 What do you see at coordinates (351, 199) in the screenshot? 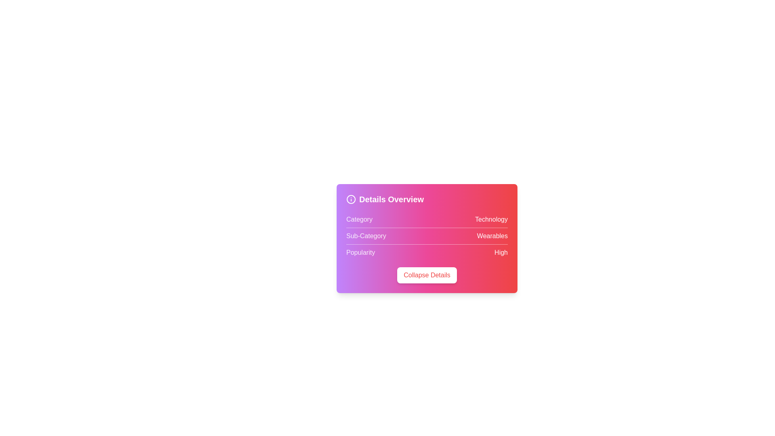
I see `the outermost SVG Circle located at the center of the 'Details Overview' card interface` at bounding box center [351, 199].